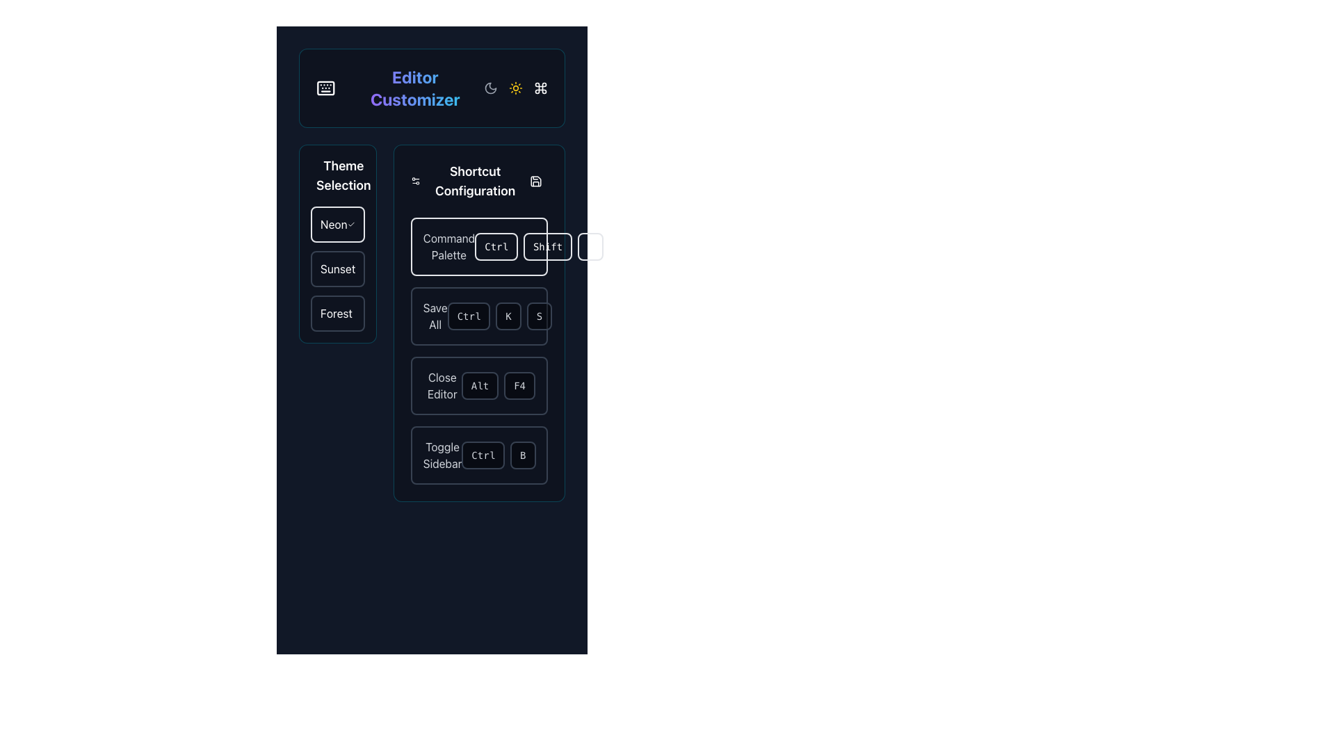  I want to click on the 'K' button, which is a small rectangular button with rounded corners and a dark background, as part of a sequence in the Shortcut Configuration group, so click(508, 316).